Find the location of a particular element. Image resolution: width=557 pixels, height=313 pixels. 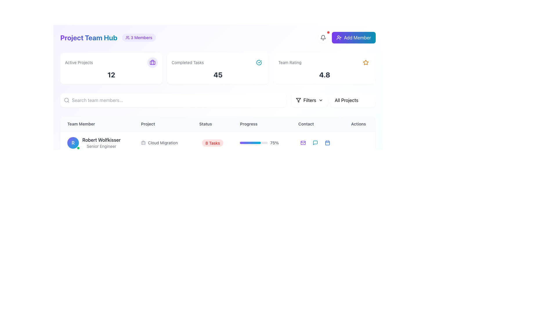

the Chevron Down Icon (SVG) located within the 'Filters' button is located at coordinates (320, 100).